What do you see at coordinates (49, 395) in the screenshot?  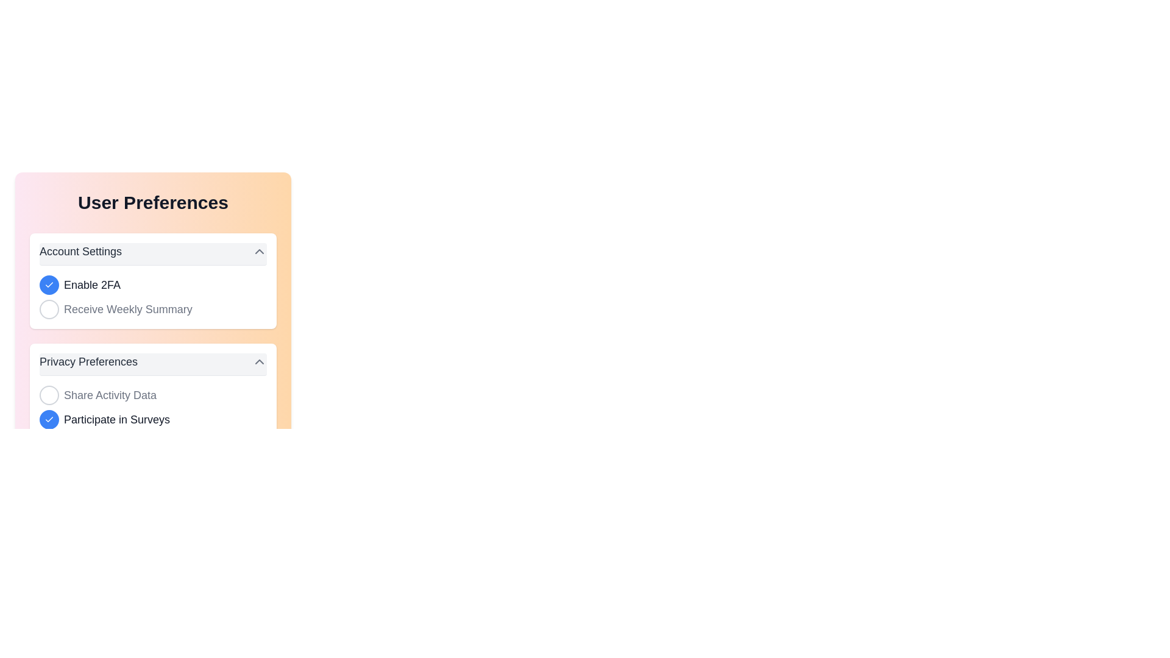 I see `the radio button located to the left of the text 'Share Activity Data' under the 'Privacy Preferences' section for keyboard navigation` at bounding box center [49, 395].